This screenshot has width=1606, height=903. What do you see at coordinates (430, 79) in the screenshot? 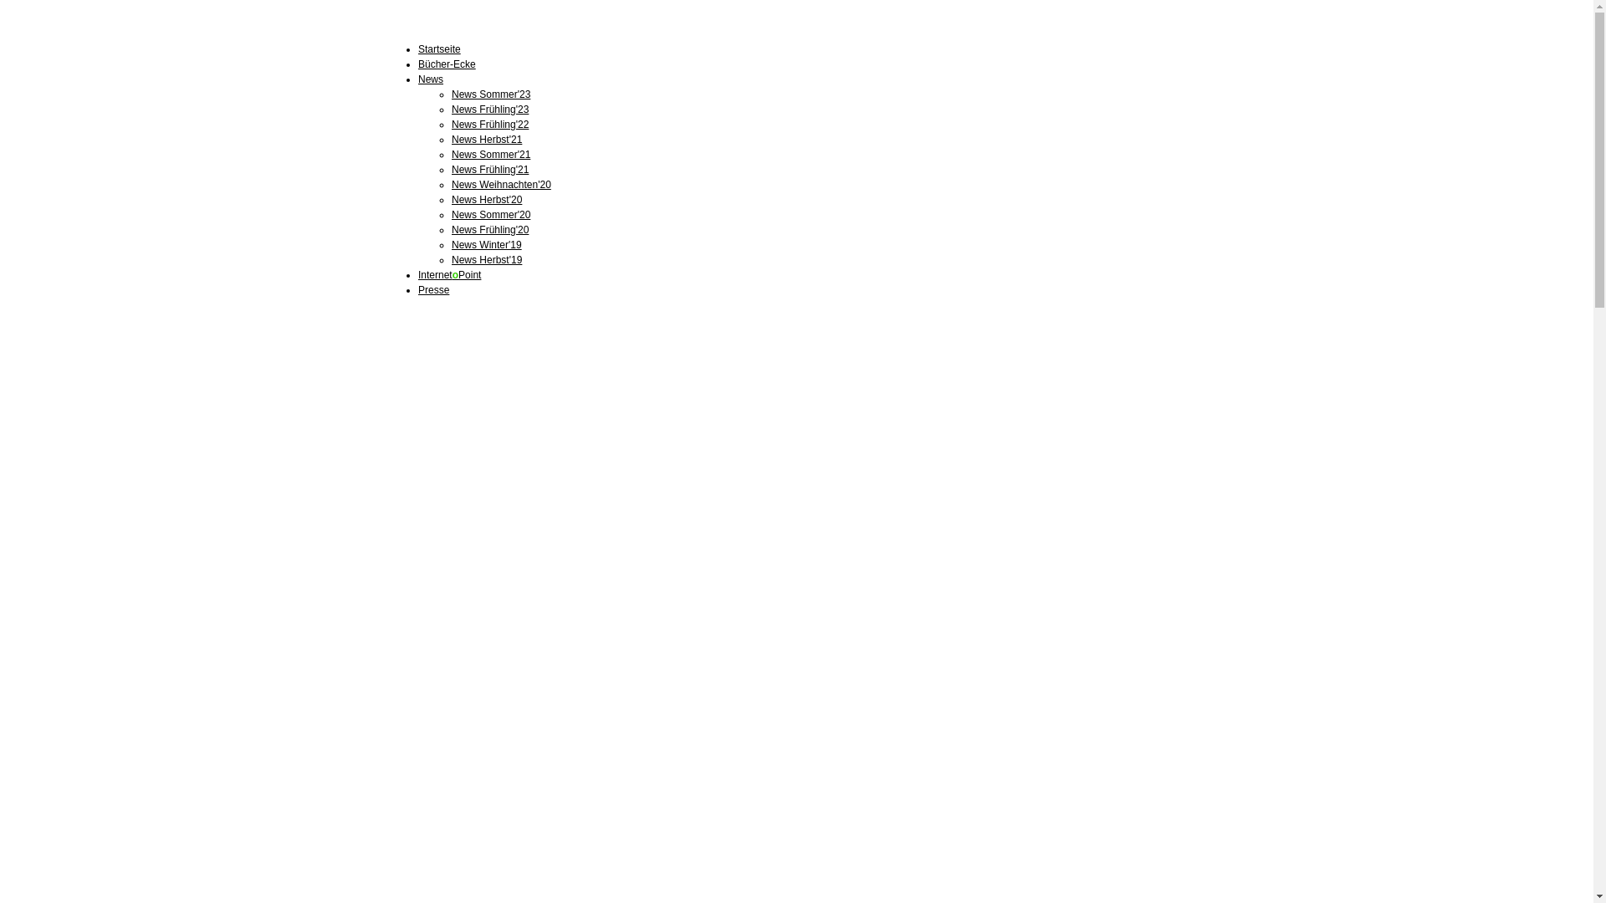
I see `'News'` at bounding box center [430, 79].